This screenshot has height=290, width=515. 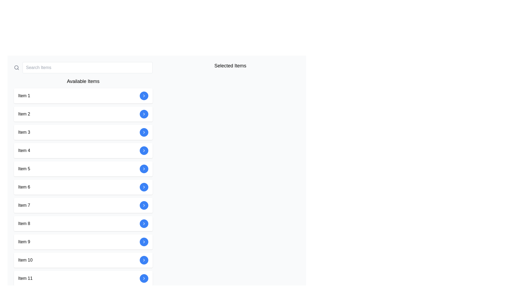 What do you see at coordinates (144, 205) in the screenshot?
I see `the central graphic arrow in the button associated with 'Item 7' in the 'Available Items' list to provide visual feedback` at bounding box center [144, 205].